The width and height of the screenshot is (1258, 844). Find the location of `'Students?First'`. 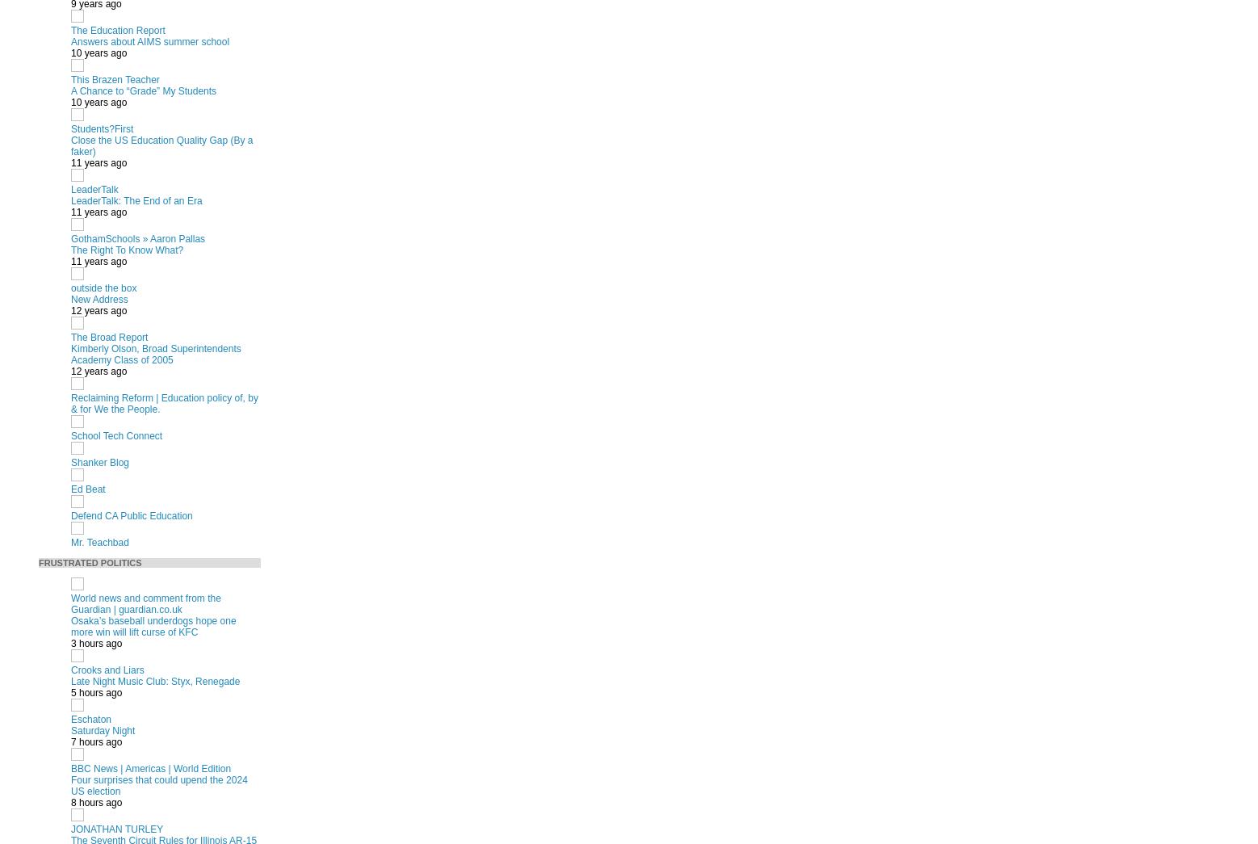

'Students?First' is located at coordinates (101, 128).